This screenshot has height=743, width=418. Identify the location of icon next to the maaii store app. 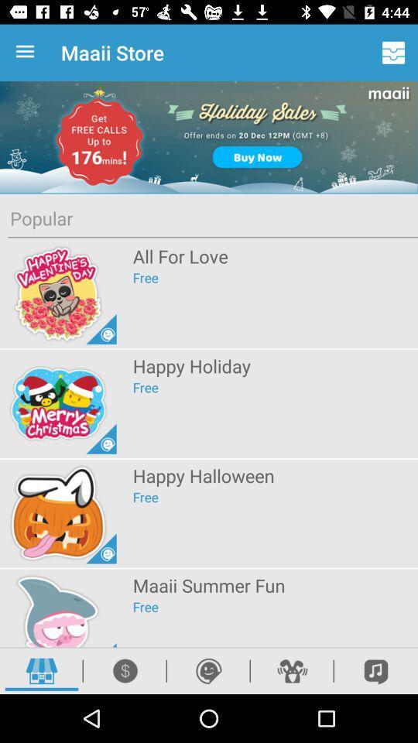
(28, 53).